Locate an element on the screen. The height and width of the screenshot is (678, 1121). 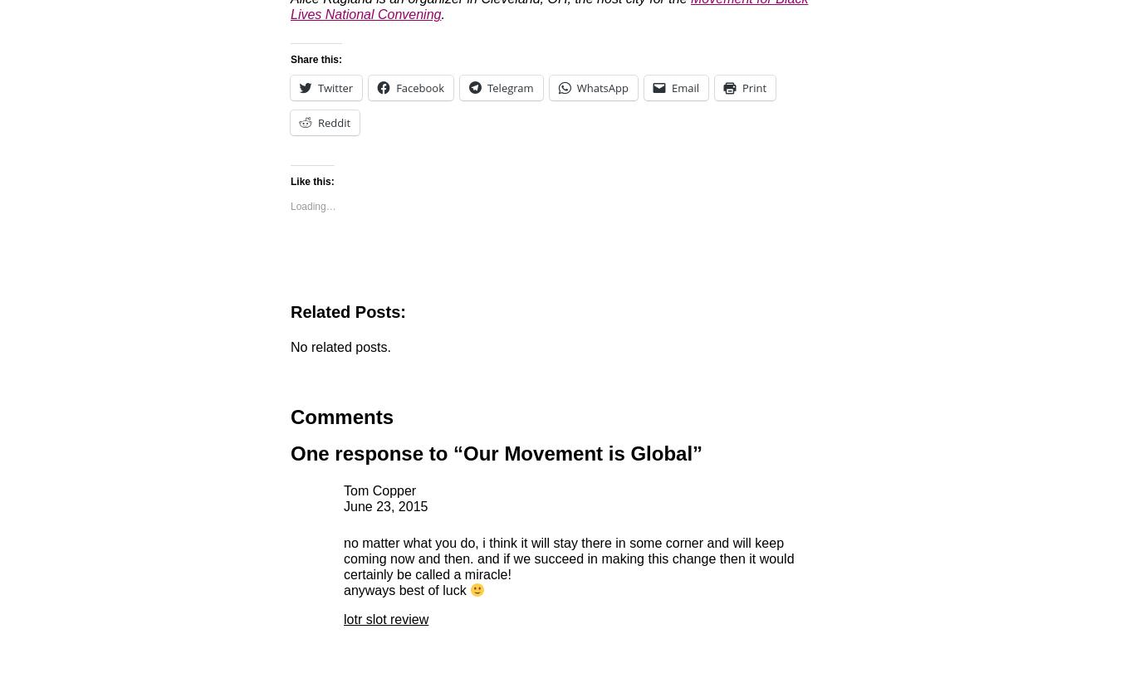
'Print' is located at coordinates (753, 87).